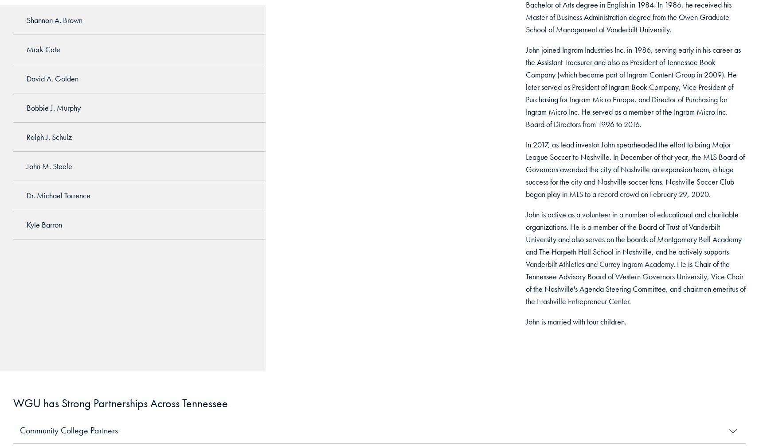 The image size is (759, 448). I want to click on 'John is married with four children.', so click(575, 321).